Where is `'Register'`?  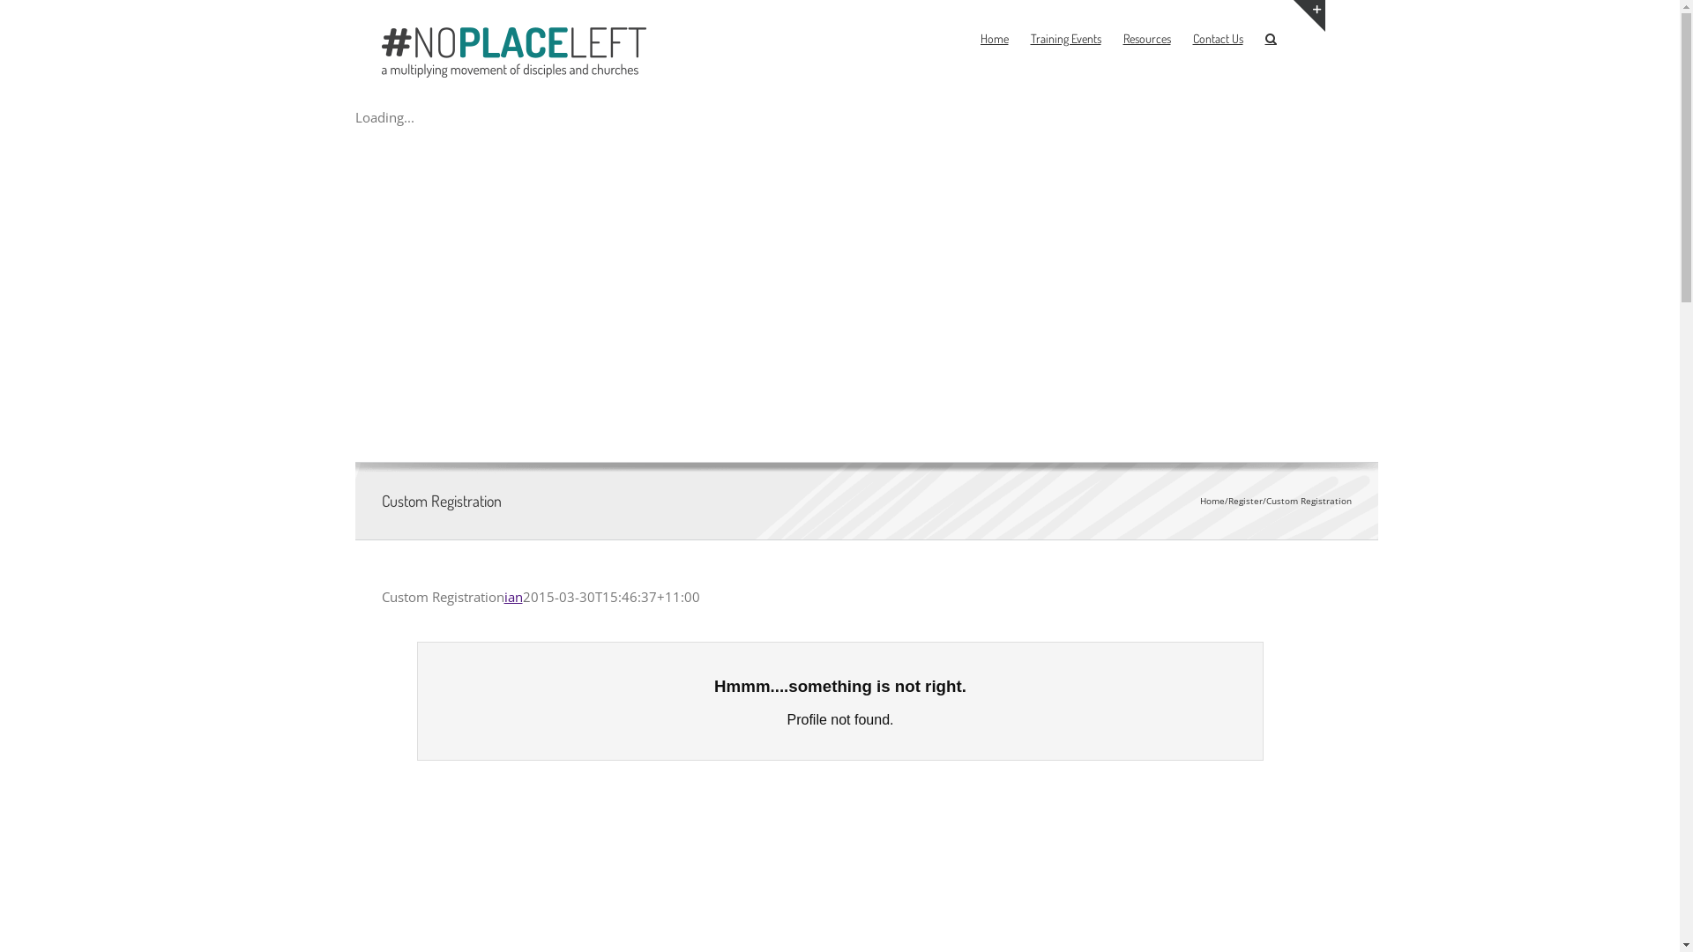 'Register' is located at coordinates (1243, 500).